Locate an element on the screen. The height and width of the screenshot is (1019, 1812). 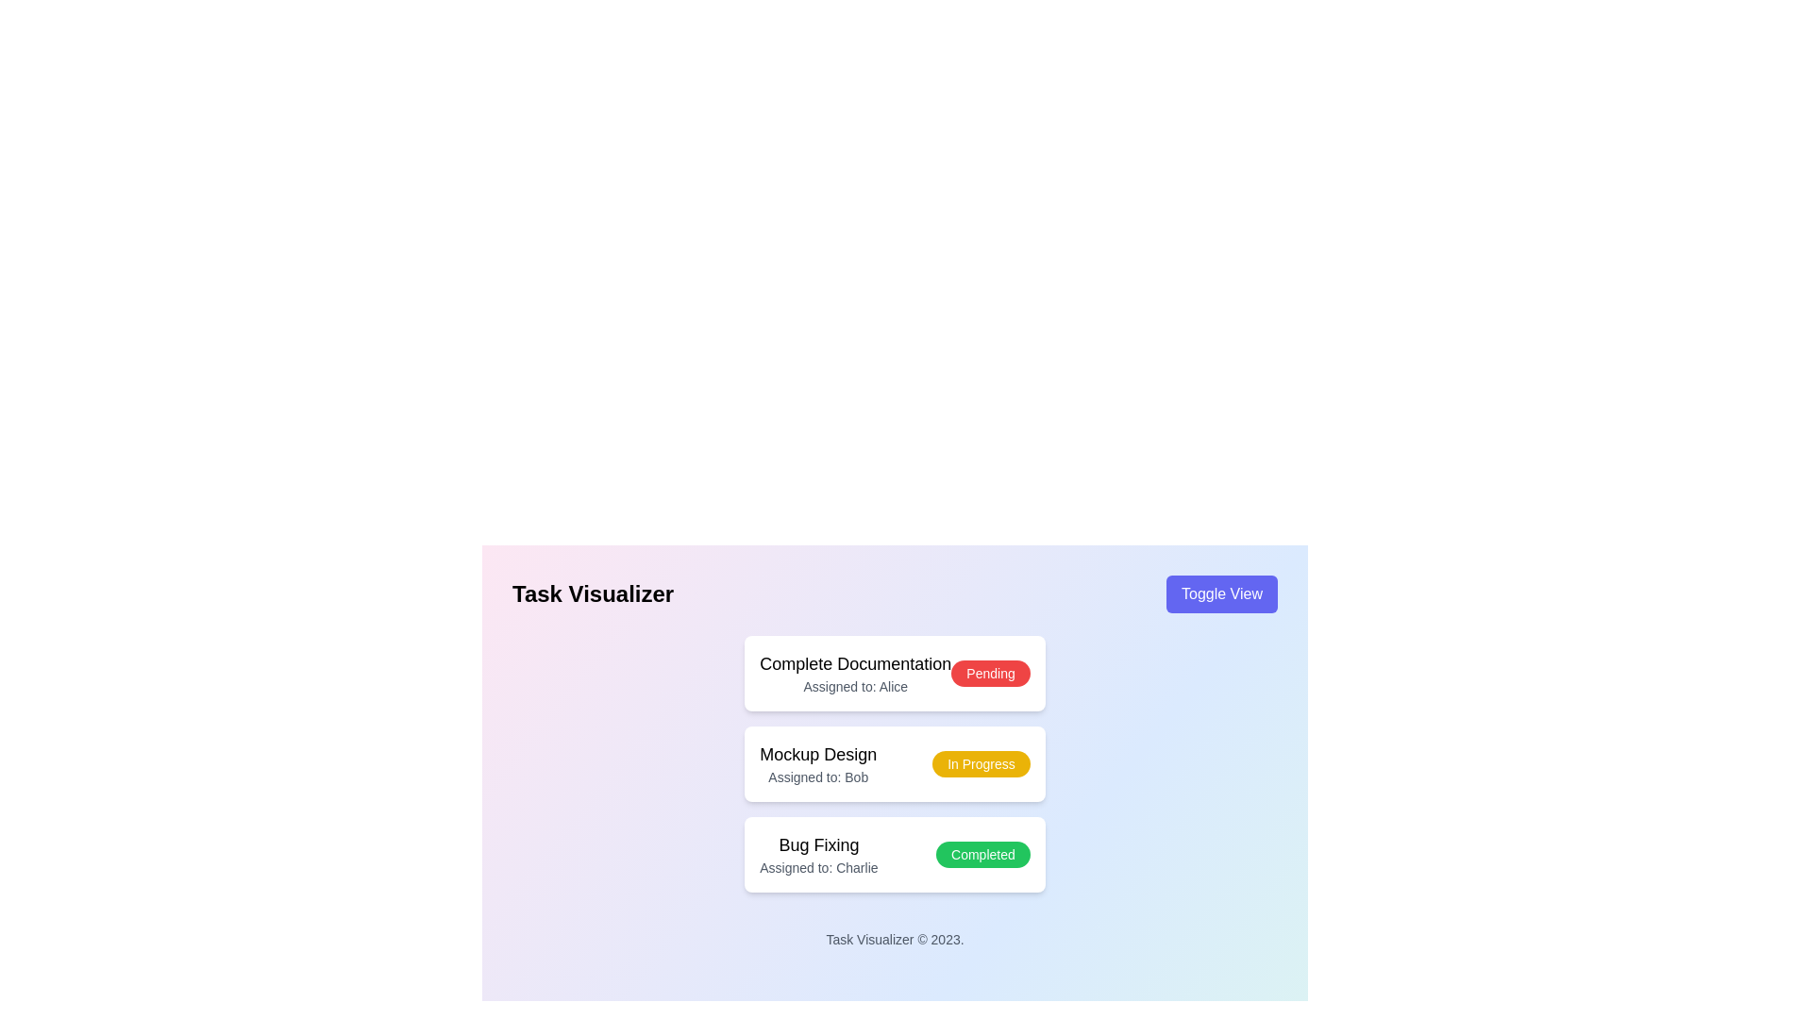
text content from the Text block displaying 'Mockup Design' and 'Assigned to: Bob', which is centrally aligned in the second task card of three listed vertically is located at coordinates (818, 764).